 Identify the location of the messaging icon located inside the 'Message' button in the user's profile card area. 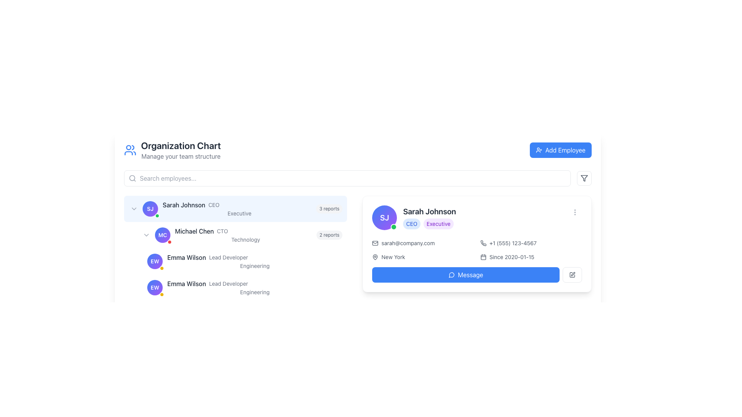
(451, 275).